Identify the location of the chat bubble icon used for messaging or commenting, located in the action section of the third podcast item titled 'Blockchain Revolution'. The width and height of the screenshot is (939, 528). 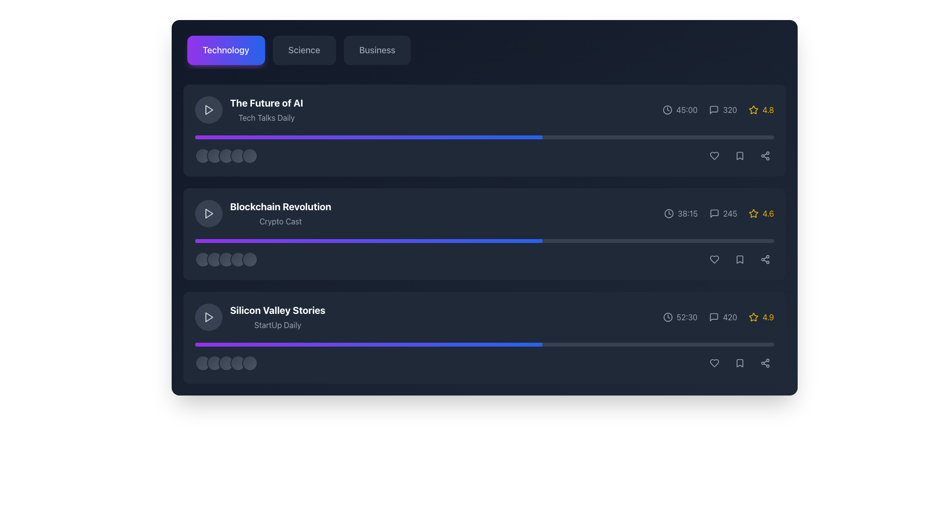
(714, 213).